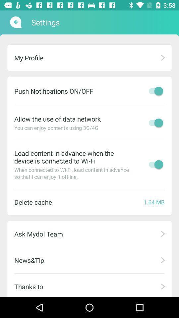 The height and width of the screenshot is (318, 179). I want to click on the item next to the settings item, so click(15, 22).